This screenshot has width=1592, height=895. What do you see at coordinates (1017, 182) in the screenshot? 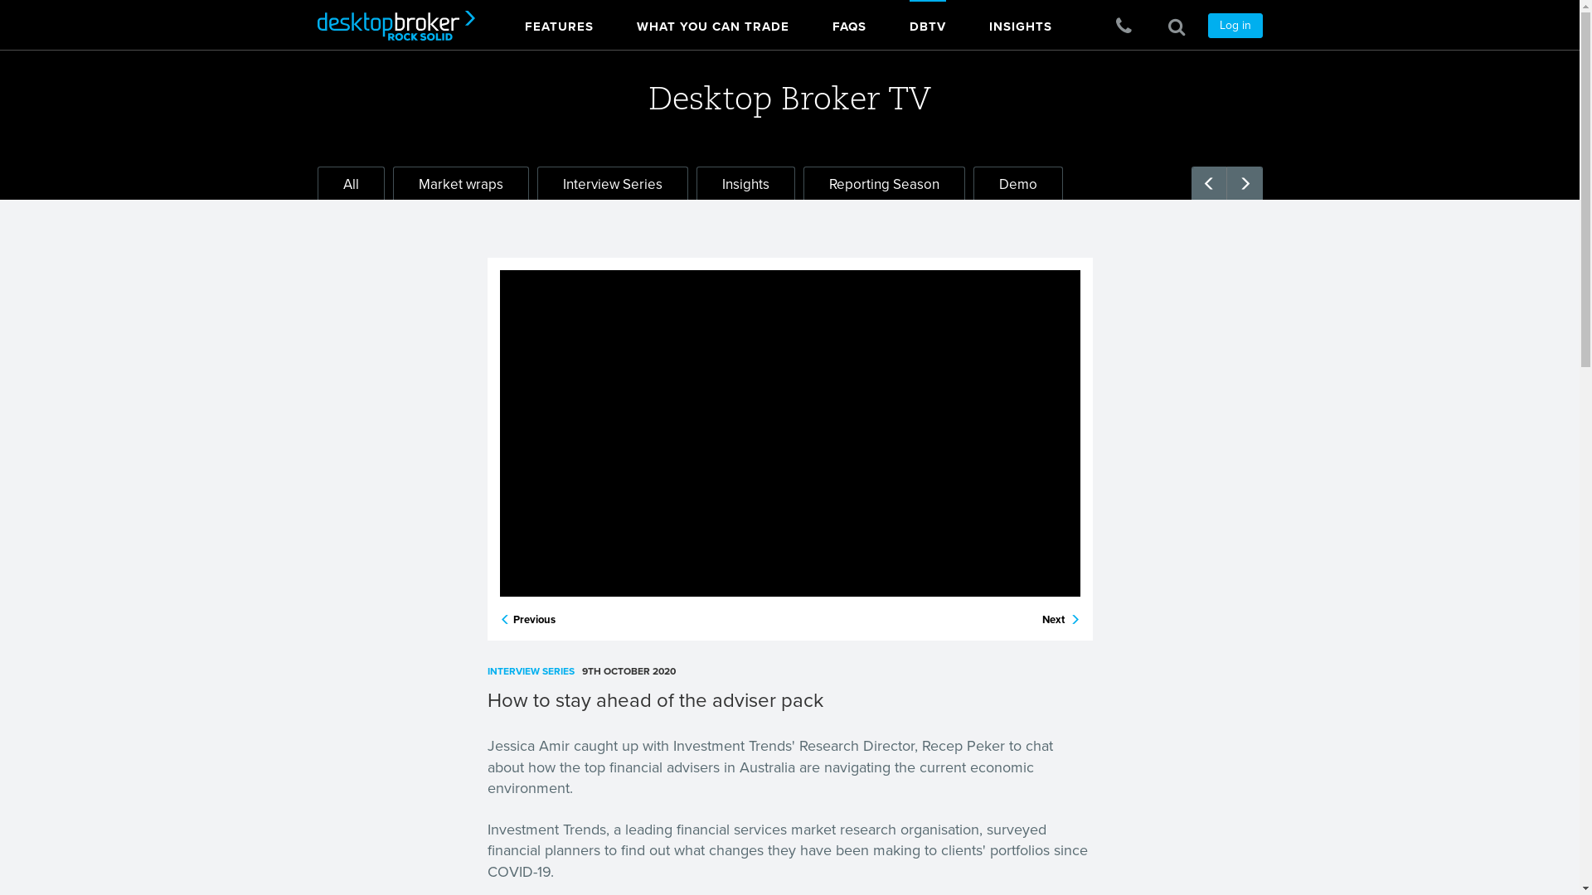
I see `'Demo'` at bounding box center [1017, 182].